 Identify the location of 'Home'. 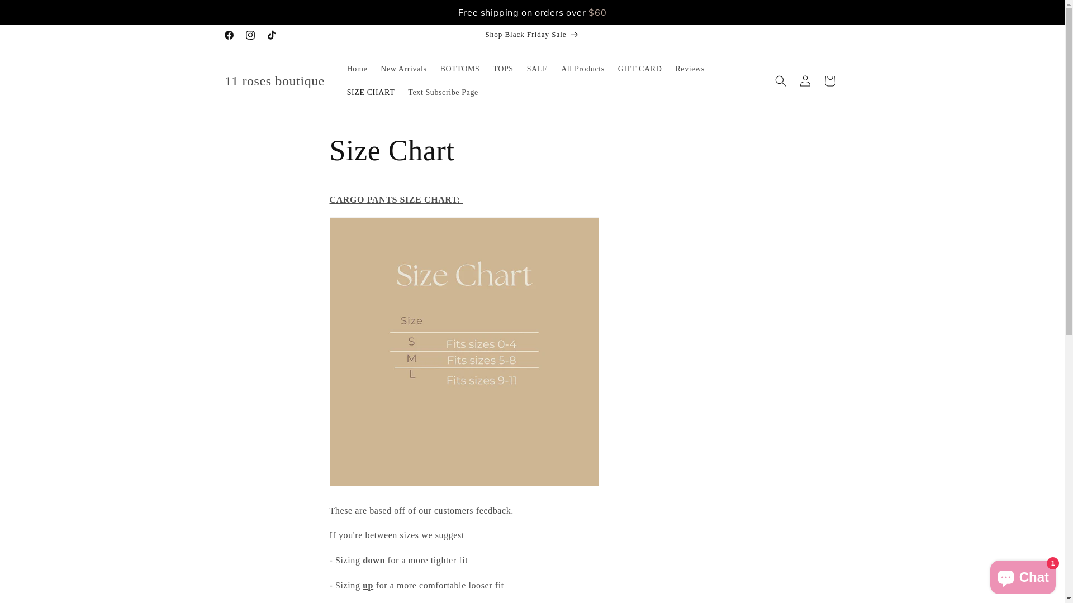
(357, 69).